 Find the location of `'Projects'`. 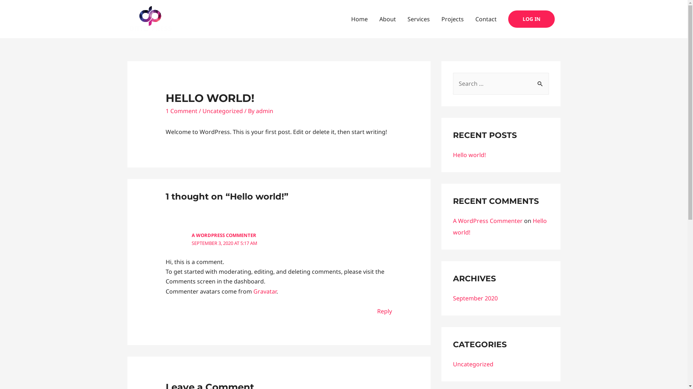

'Projects' is located at coordinates (452, 19).